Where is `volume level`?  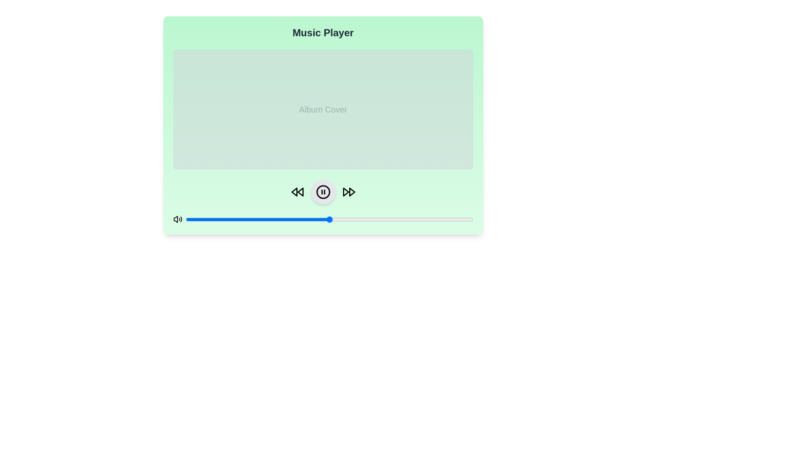 volume level is located at coordinates (395, 219).